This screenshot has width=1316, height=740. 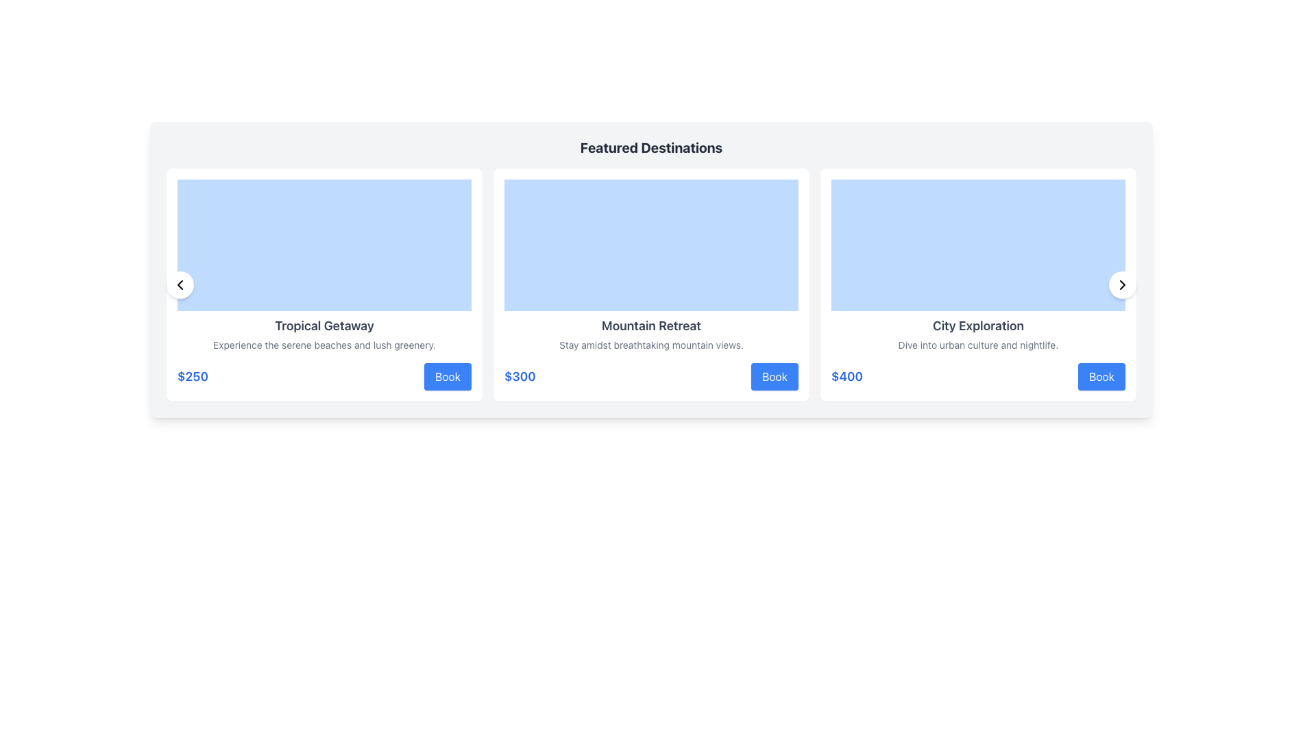 What do you see at coordinates (1122, 284) in the screenshot?
I see `the right-chevron icon located in the third card under 'City Exploration'` at bounding box center [1122, 284].